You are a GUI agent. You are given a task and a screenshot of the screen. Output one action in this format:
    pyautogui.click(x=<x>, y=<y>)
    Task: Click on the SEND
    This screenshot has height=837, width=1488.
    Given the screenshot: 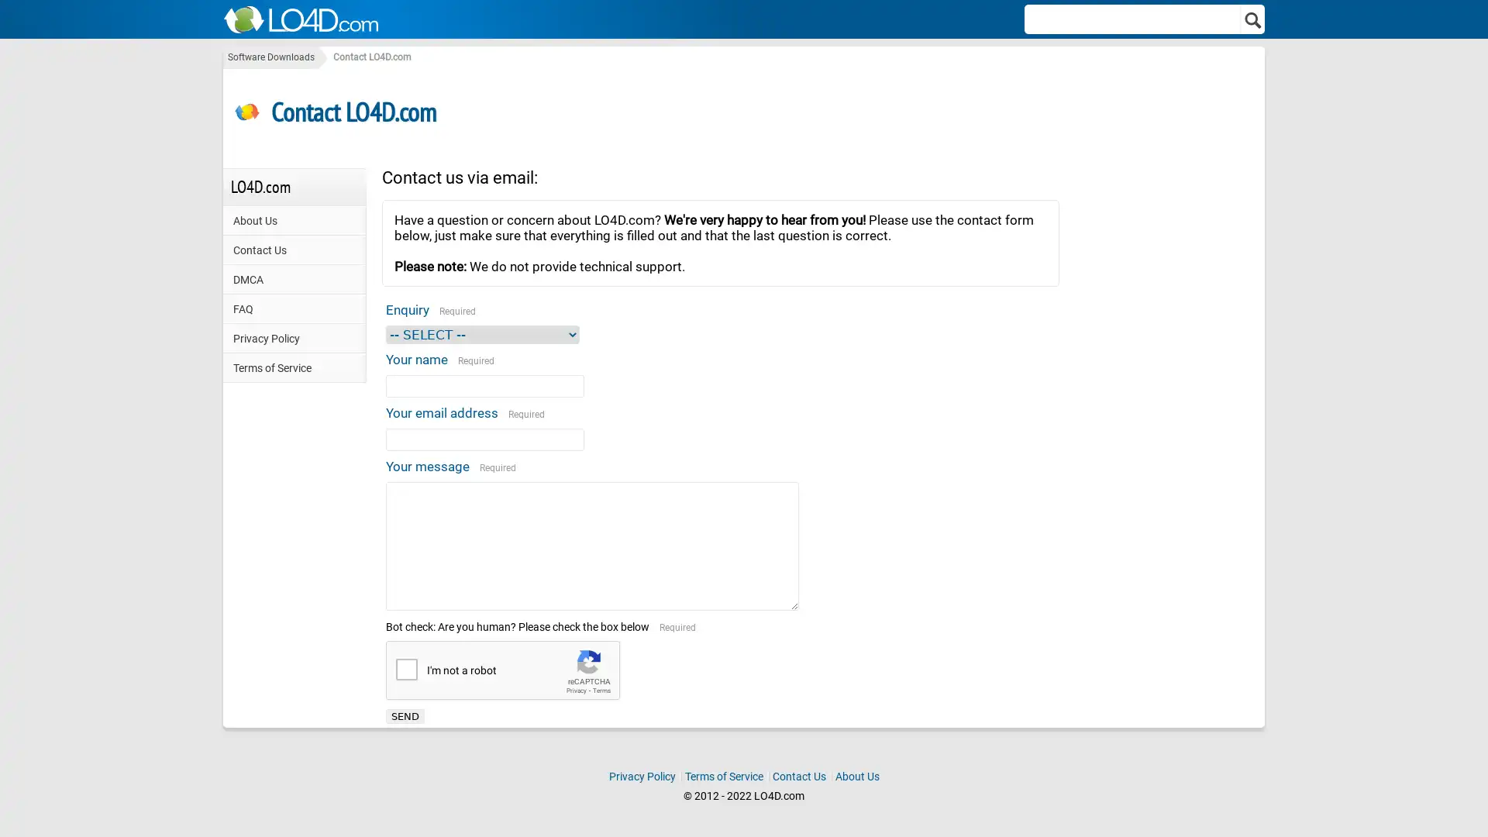 What is the action you would take?
    pyautogui.click(x=405, y=715)
    